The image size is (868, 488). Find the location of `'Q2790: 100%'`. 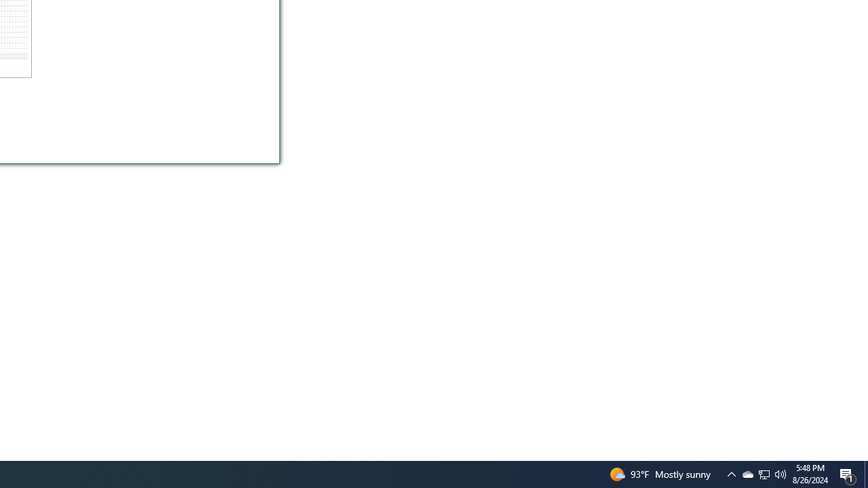

'Q2790: 100%' is located at coordinates (781, 473).